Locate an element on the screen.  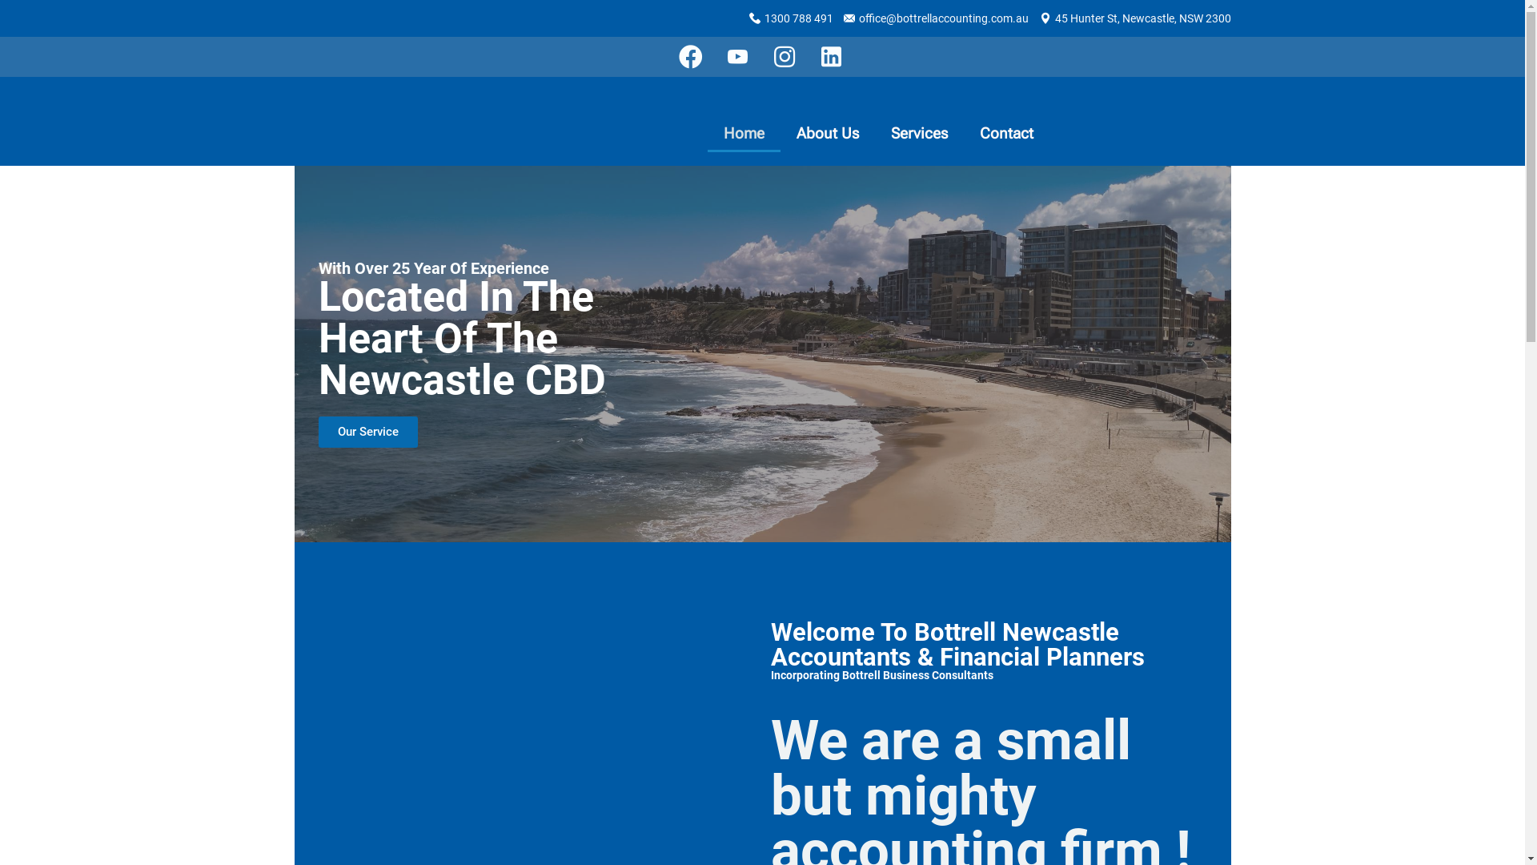
'Services' is located at coordinates (874, 132).